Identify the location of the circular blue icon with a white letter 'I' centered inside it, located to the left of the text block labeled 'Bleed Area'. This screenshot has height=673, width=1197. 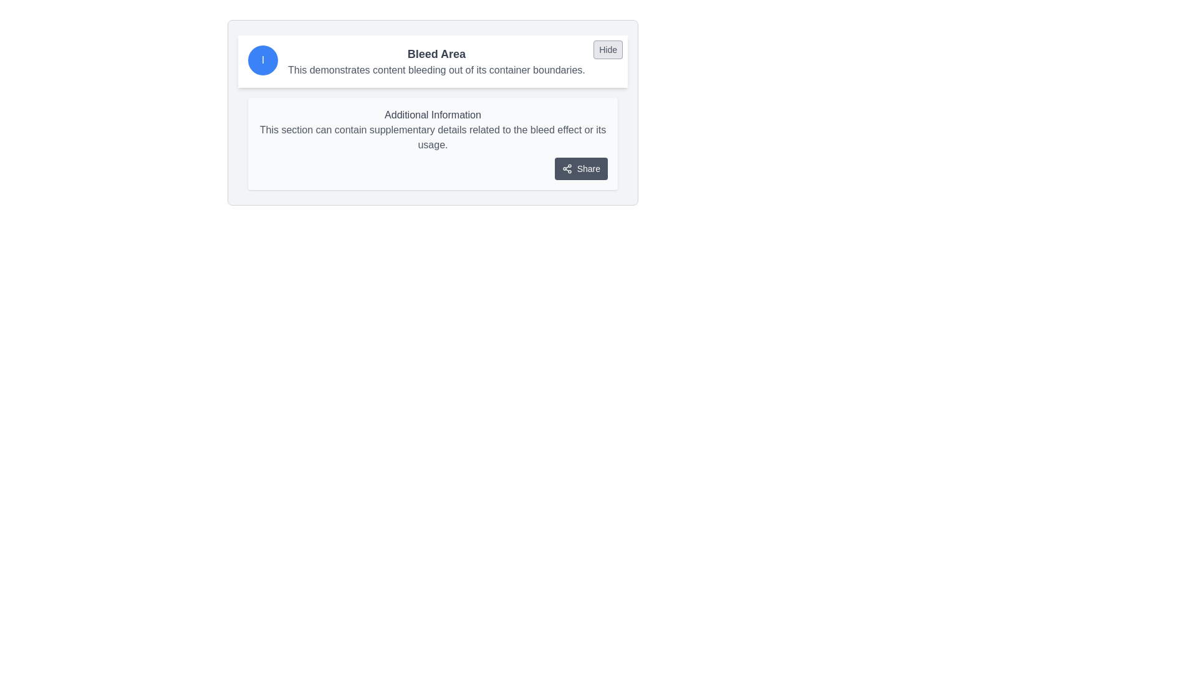
(262, 60).